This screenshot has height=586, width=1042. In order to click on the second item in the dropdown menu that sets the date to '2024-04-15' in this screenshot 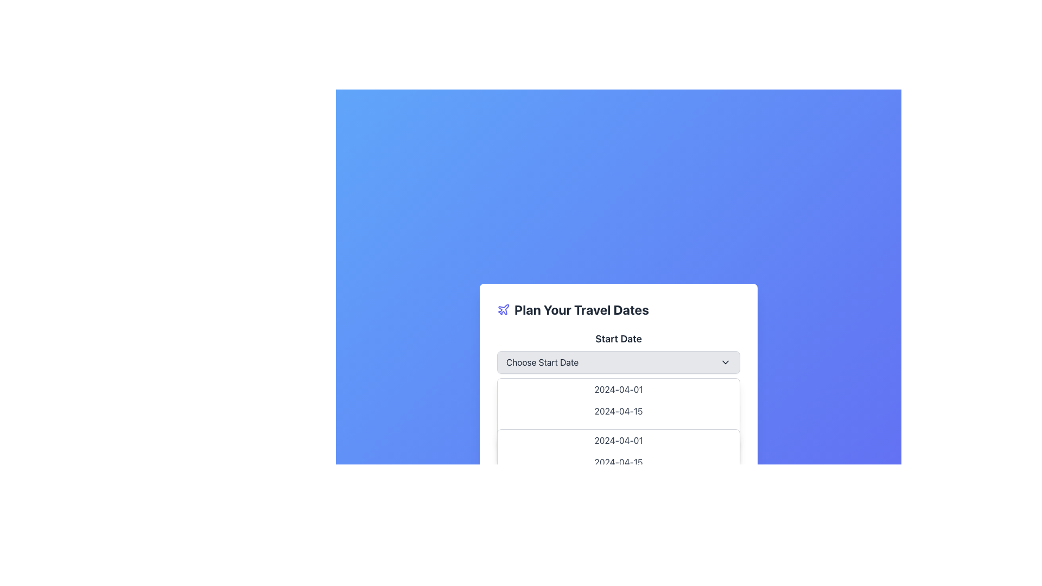, I will do `click(619, 413)`.